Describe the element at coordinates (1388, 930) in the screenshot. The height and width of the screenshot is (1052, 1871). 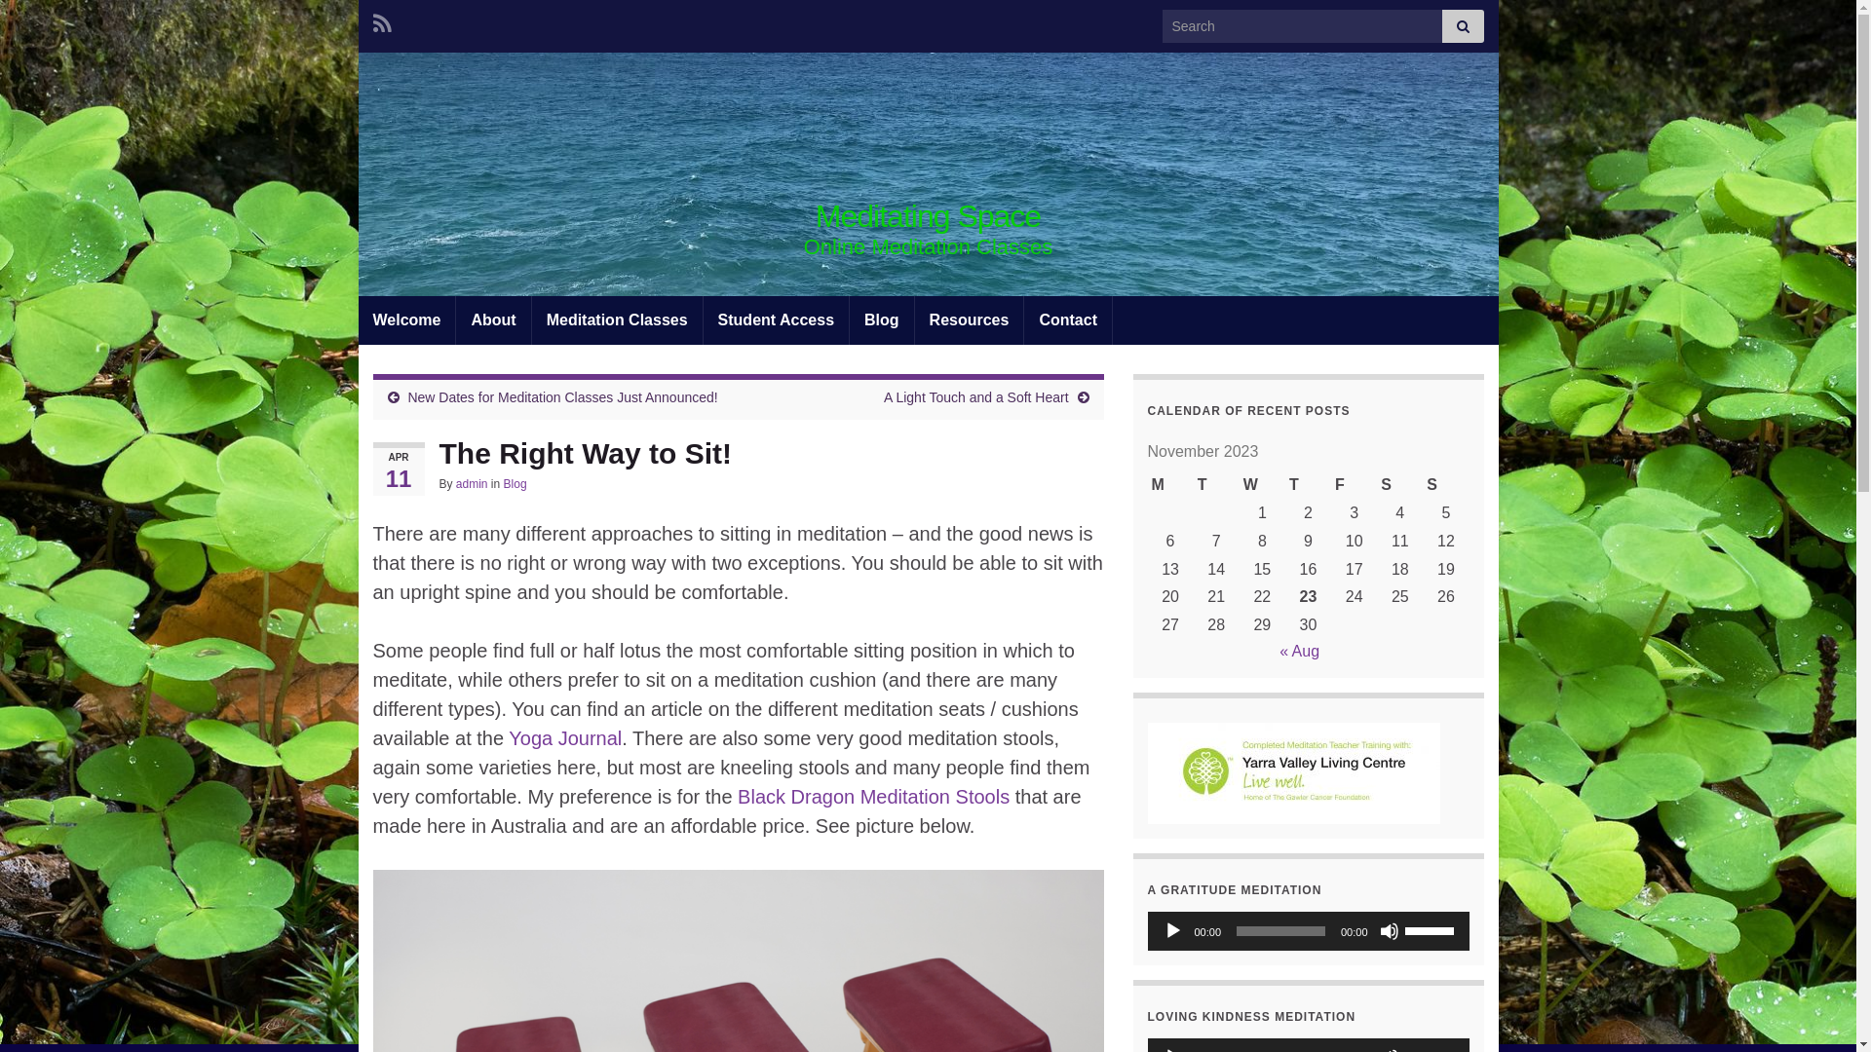
I see `'Mute'` at that location.